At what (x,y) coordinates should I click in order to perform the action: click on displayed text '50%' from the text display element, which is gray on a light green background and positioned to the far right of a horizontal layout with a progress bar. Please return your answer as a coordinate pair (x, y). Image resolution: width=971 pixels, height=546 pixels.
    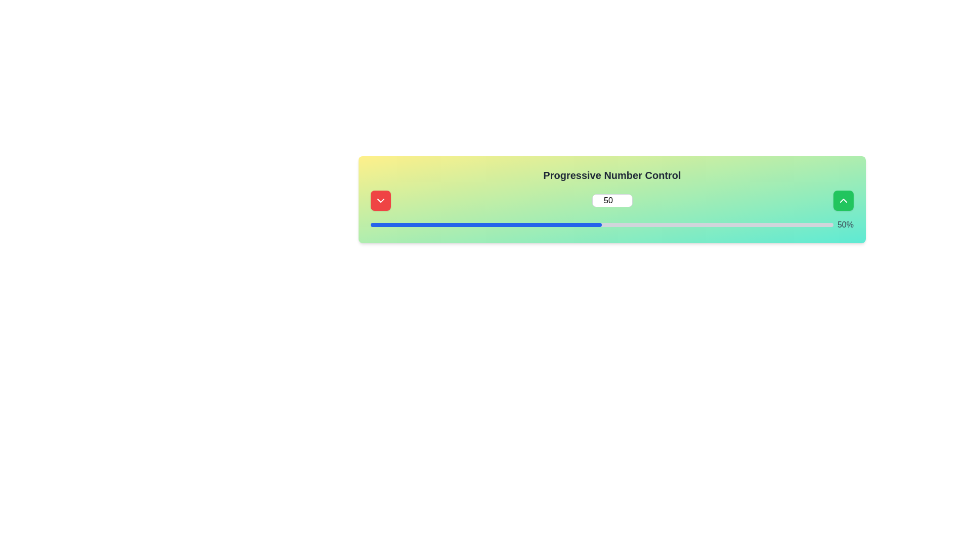
    Looking at the image, I should click on (845, 224).